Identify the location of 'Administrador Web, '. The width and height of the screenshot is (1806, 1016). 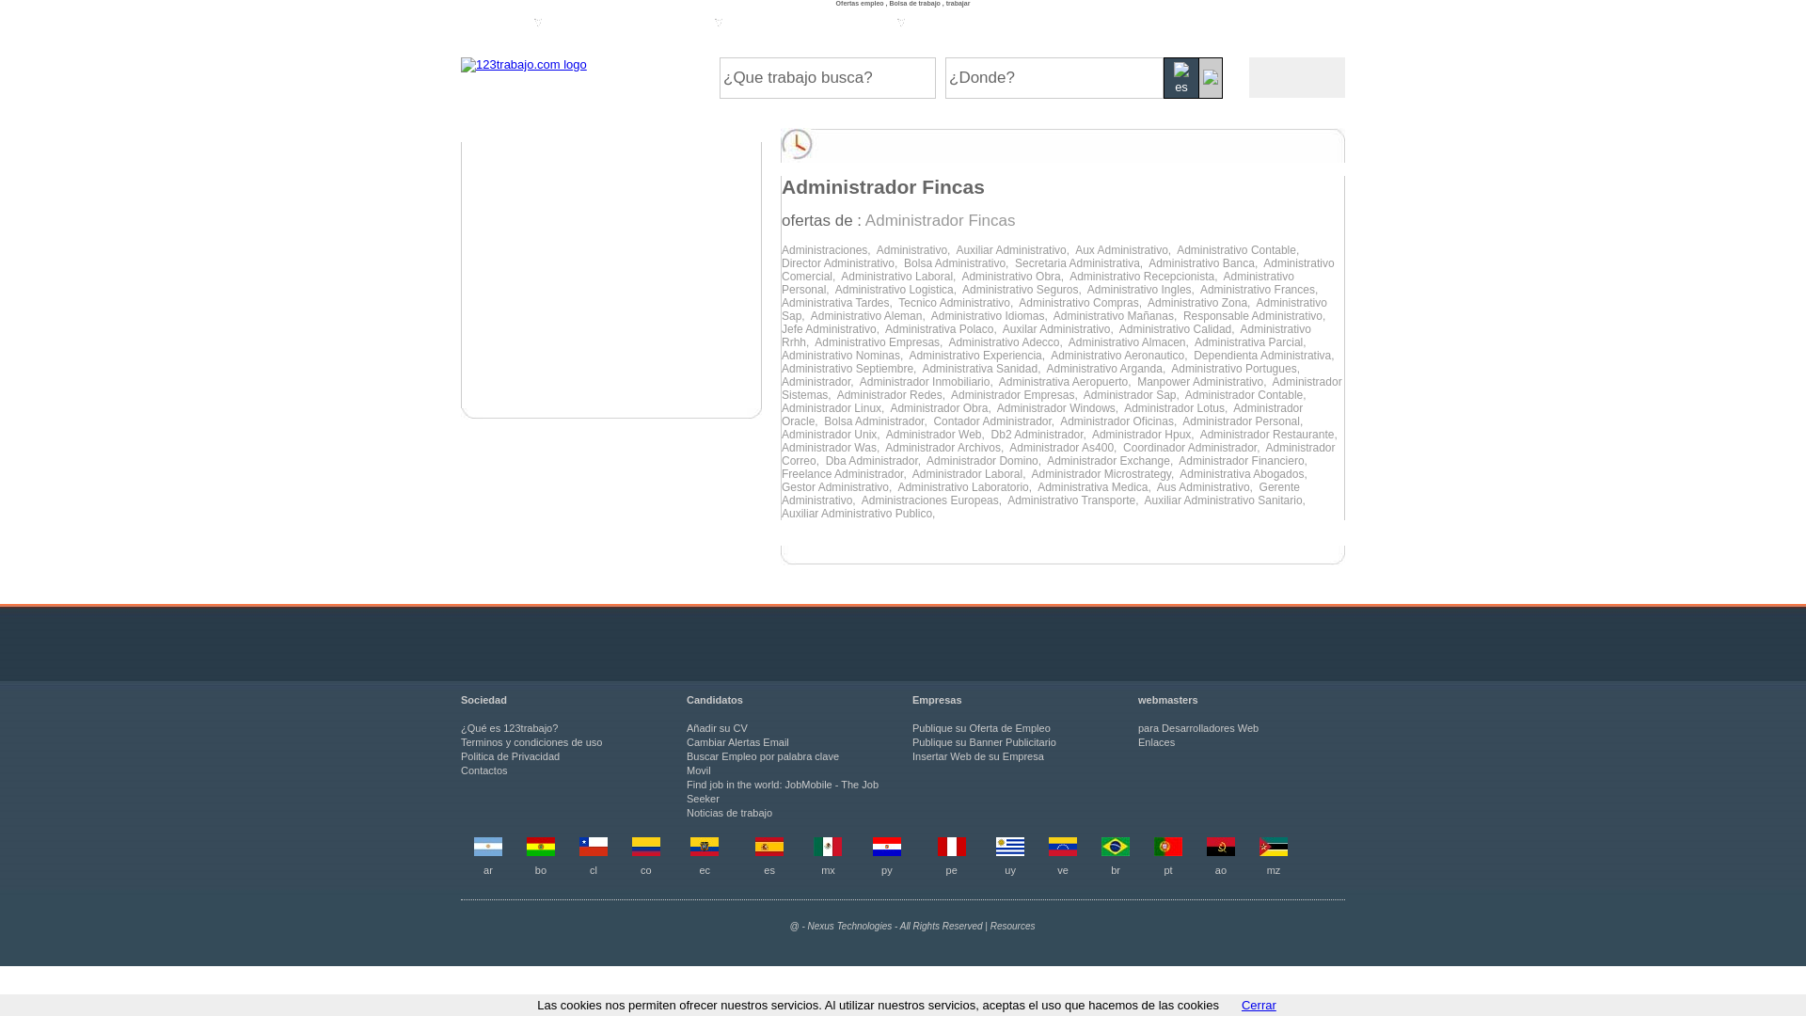
(939, 435).